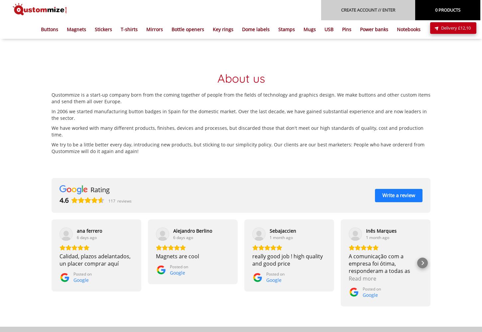 This screenshot has height=332, width=482. I want to click on 'reviews', so click(124, 200).